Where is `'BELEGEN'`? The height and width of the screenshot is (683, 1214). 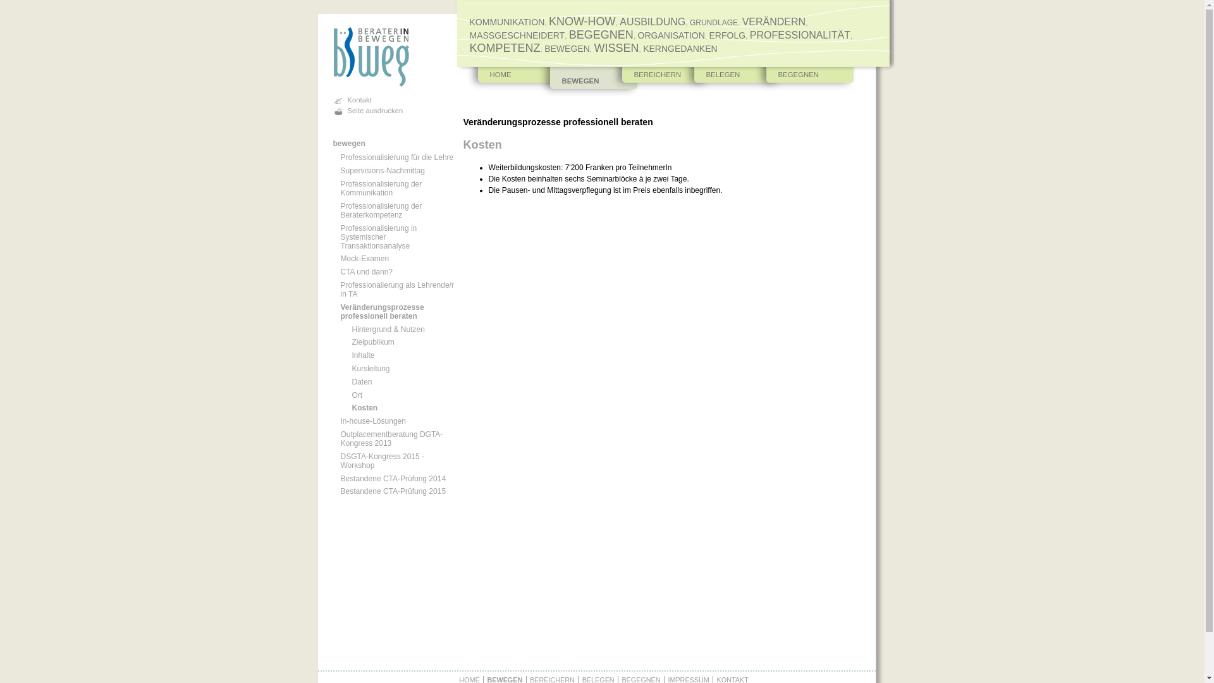 'BELEGEN' is located at coordinates (681, 78).